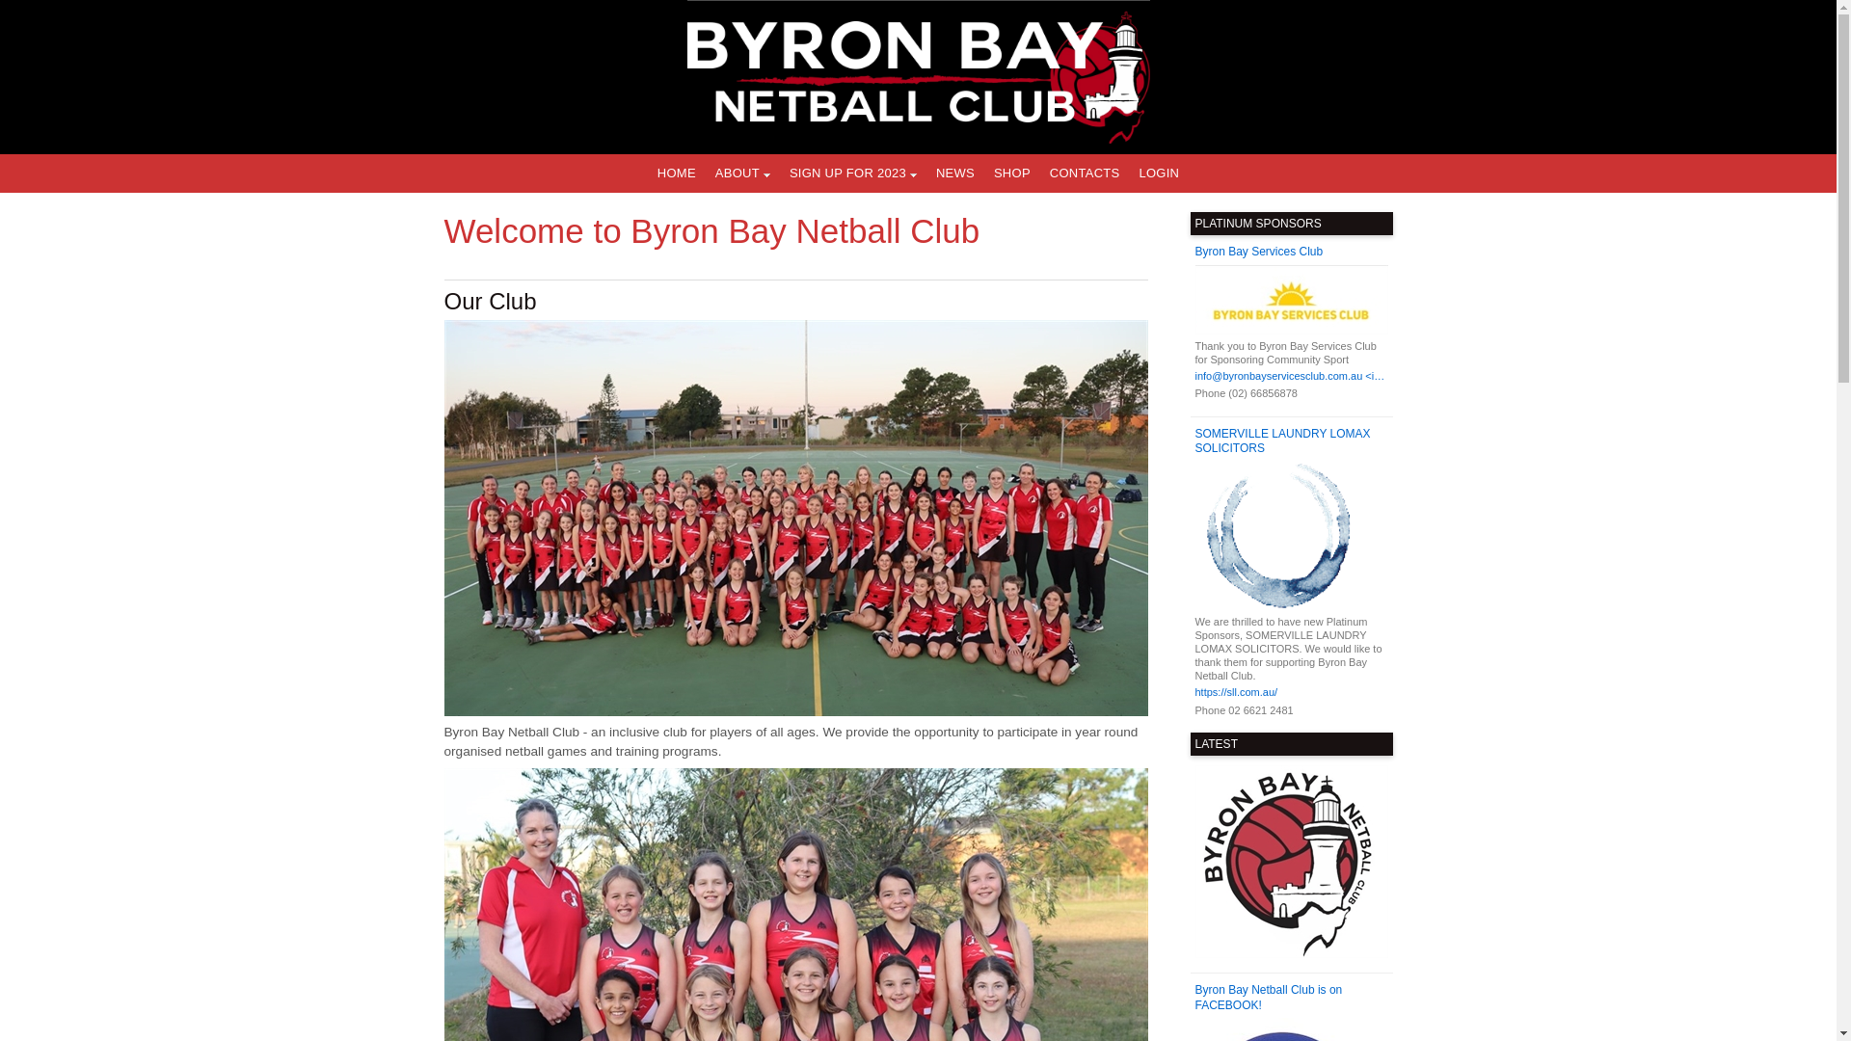 The width and height of the screenshot is (1851, 1041). I want to click on 'SIGN UP FOR 2023', so click(851, 173).